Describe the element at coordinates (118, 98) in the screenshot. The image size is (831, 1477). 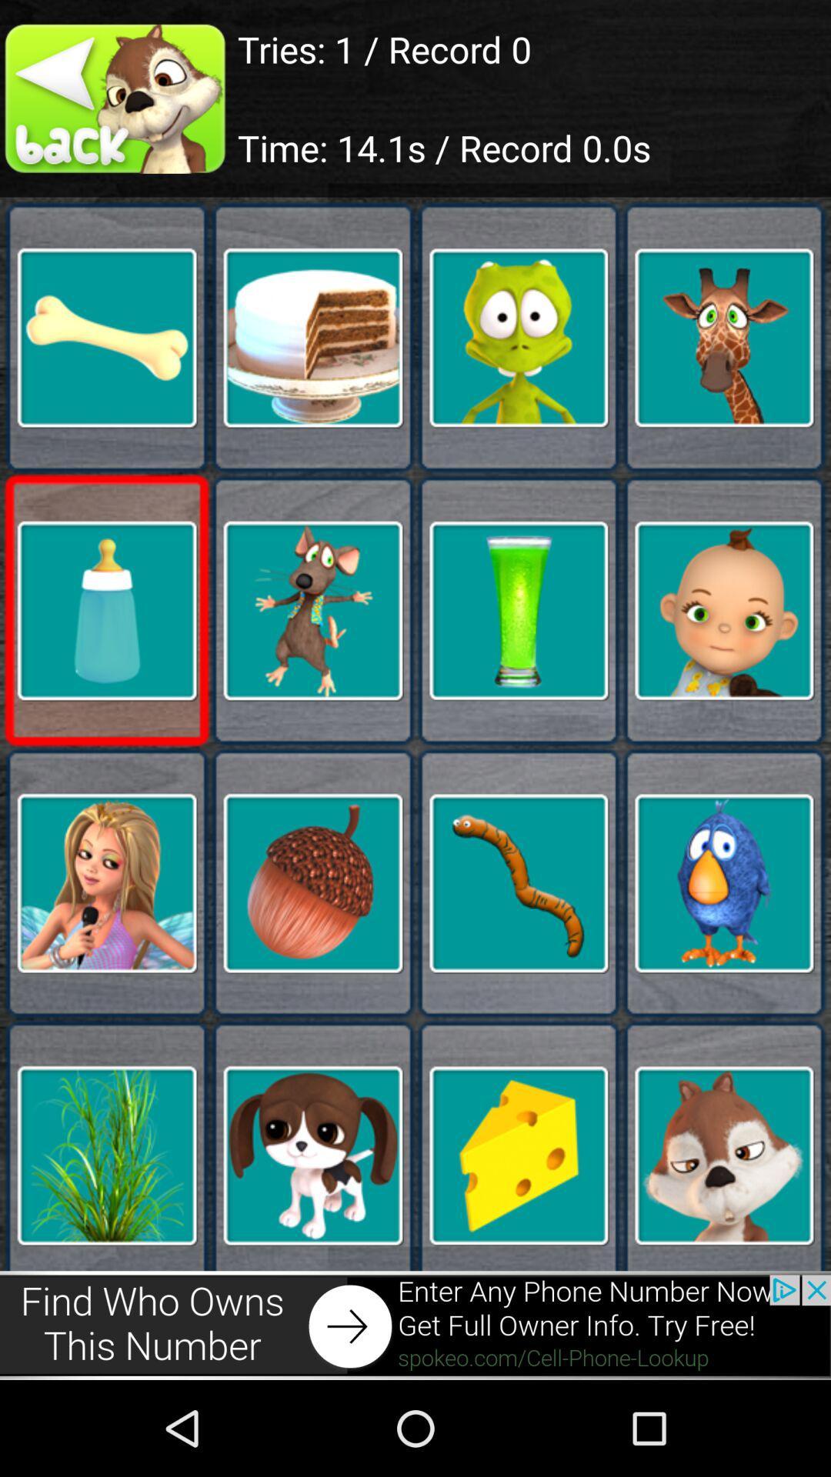
I see `previous` at that location.